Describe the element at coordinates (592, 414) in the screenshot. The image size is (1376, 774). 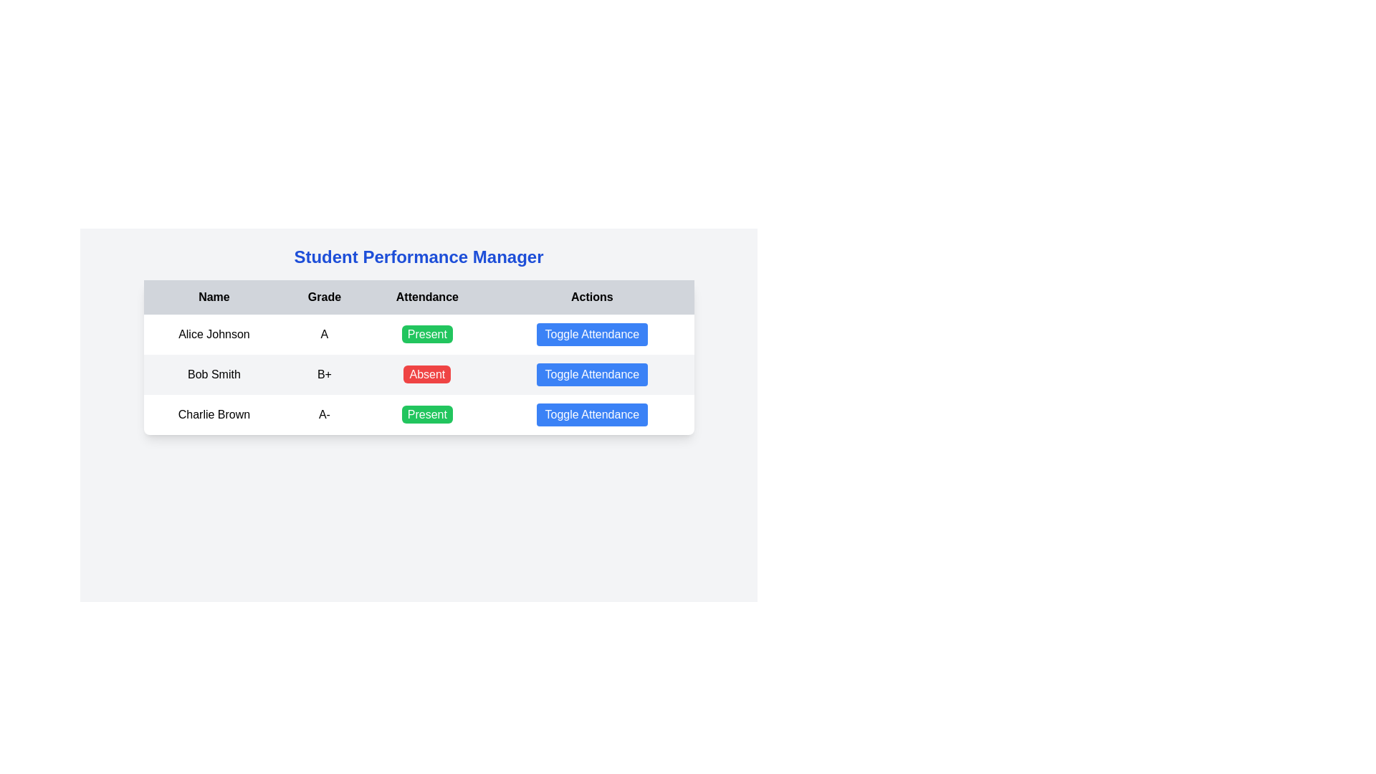
I see `the 'Present/Absent' toggle button for Charlie Brown in the 'Actions' column of the 'Student Performance Manager' section` at that location.